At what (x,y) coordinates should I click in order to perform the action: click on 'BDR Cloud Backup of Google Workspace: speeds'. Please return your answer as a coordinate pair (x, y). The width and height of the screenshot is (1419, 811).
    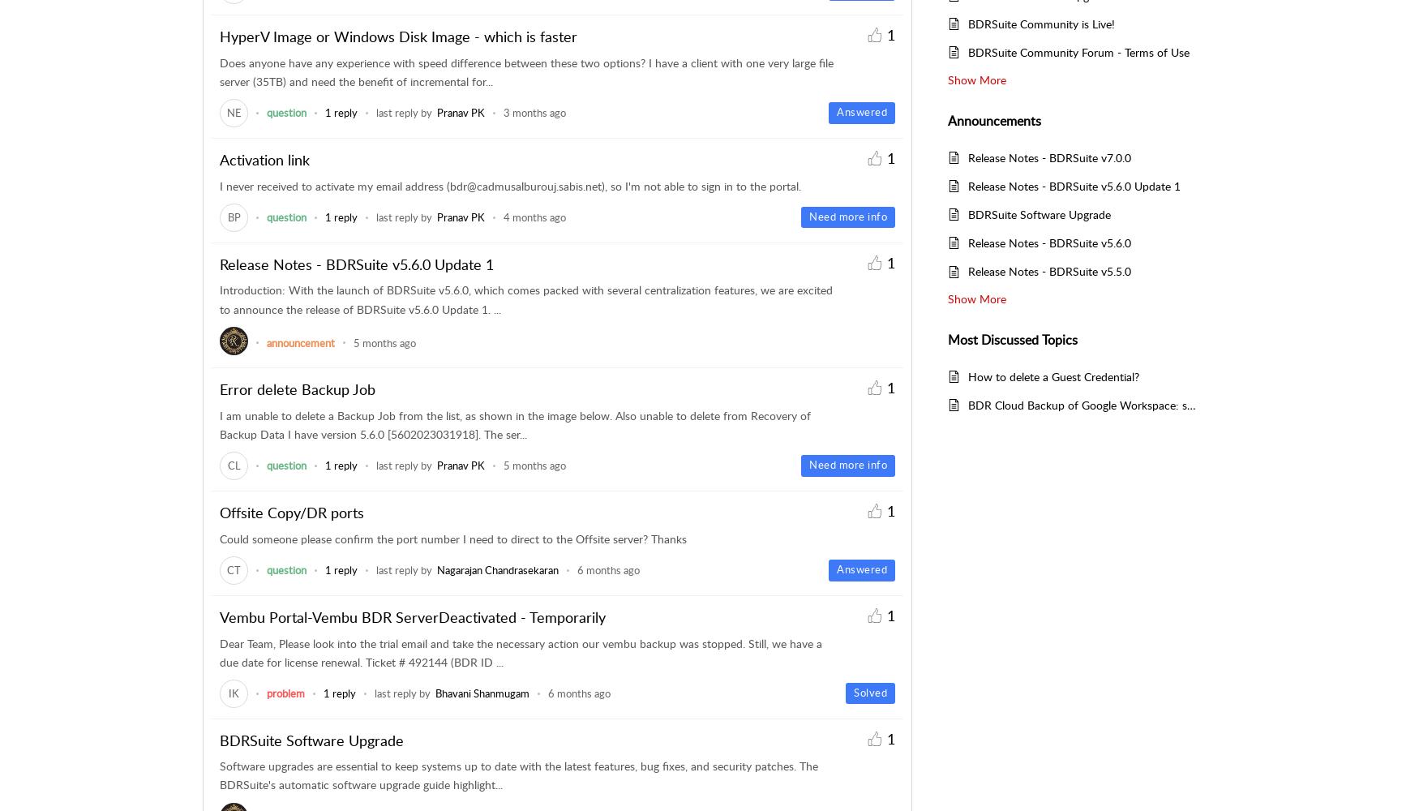
    Looking at the image, I should click on (1091, 404).